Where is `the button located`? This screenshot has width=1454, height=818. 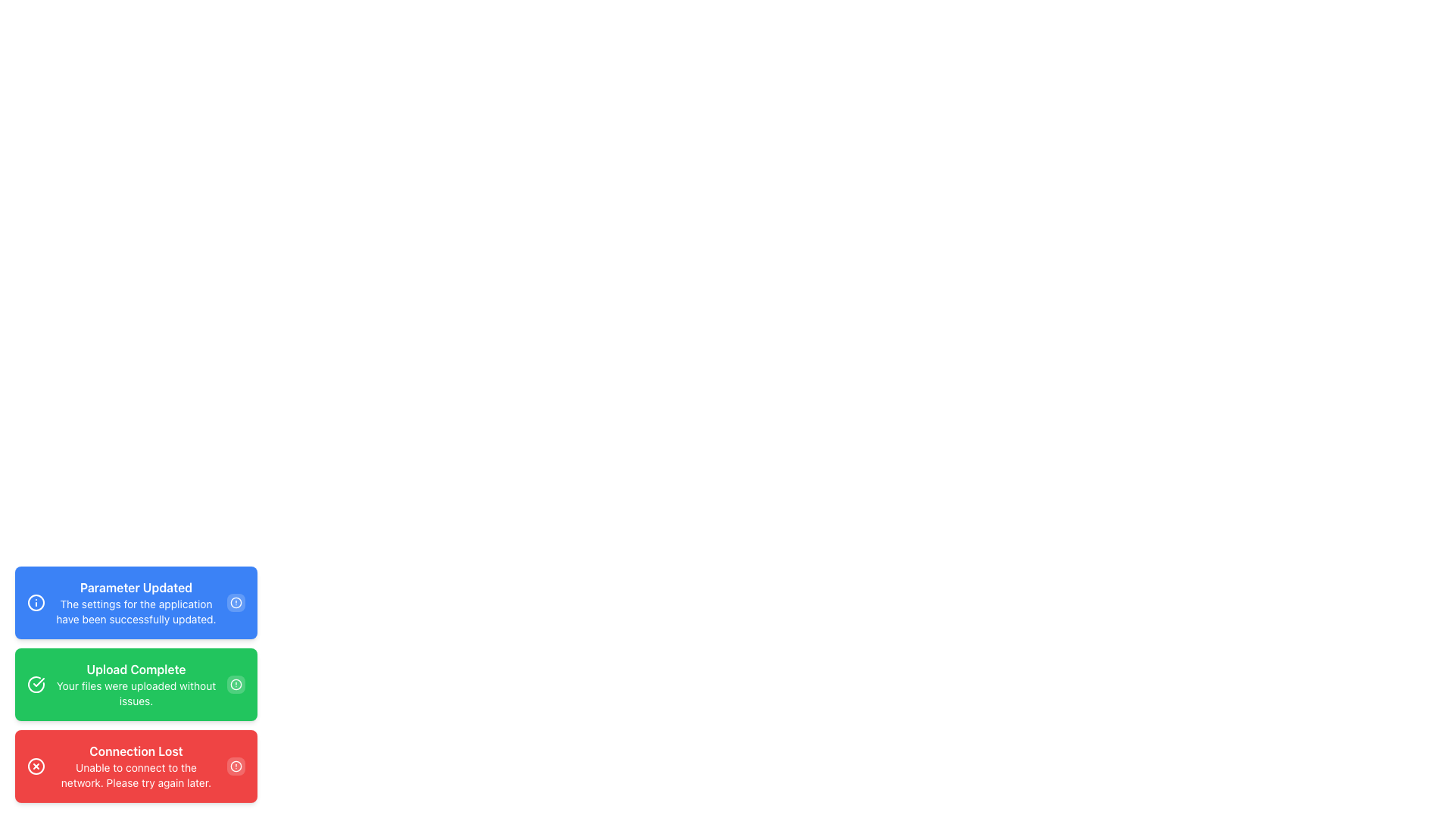
the button located is located at coordinates (236, 766).